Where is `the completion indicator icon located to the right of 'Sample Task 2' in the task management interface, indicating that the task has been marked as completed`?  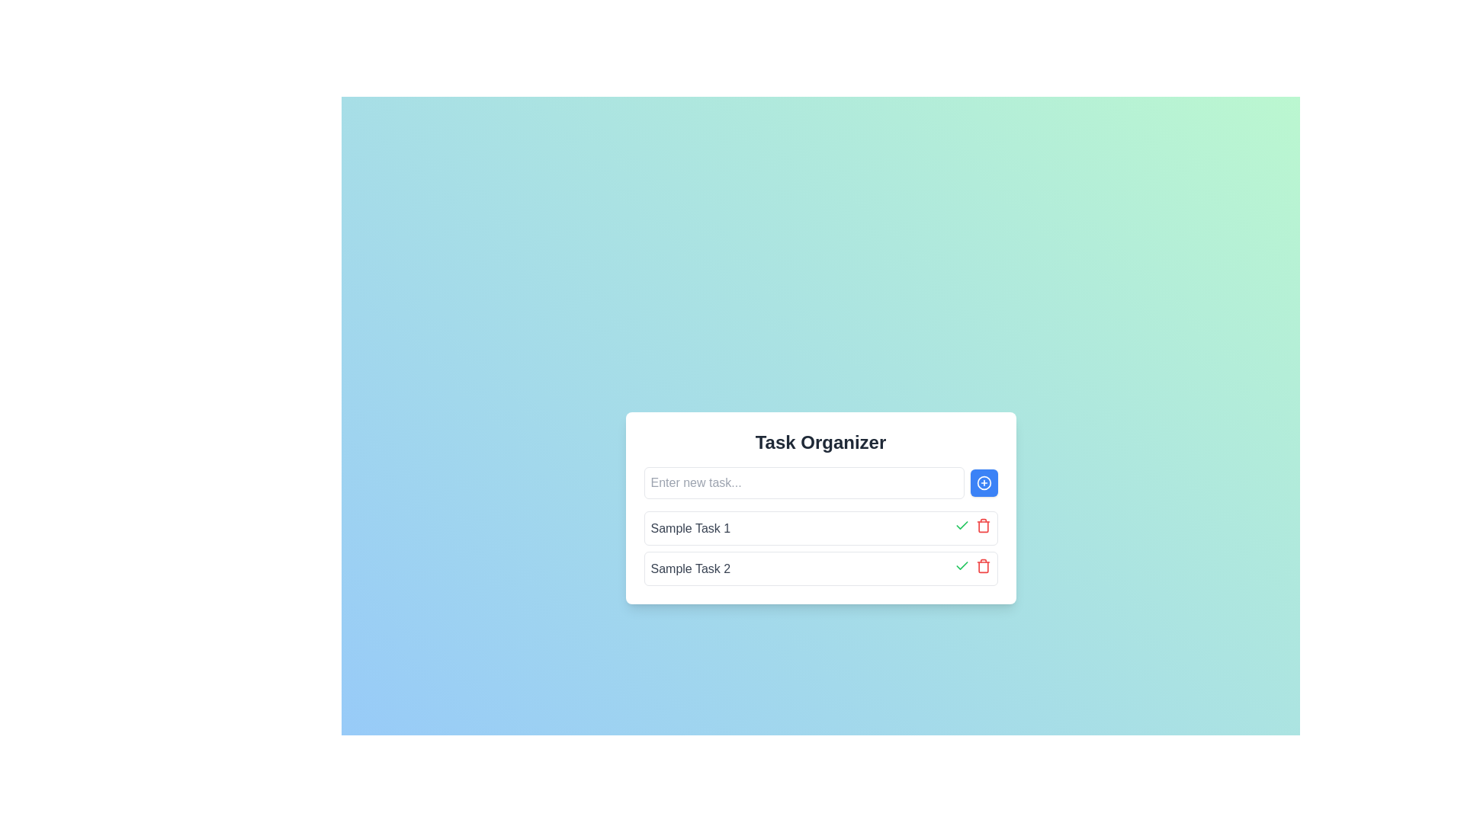
the completion indicator icon located to the right of 'Sample Task 2' in the task management interface, indicating that the task has been marked as completed is located at coordinates (961, 524).